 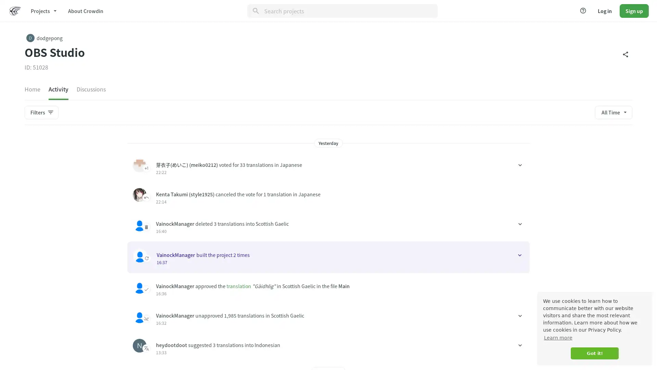 I want to click on dismiss cookie message, so click(x=594, y=353).